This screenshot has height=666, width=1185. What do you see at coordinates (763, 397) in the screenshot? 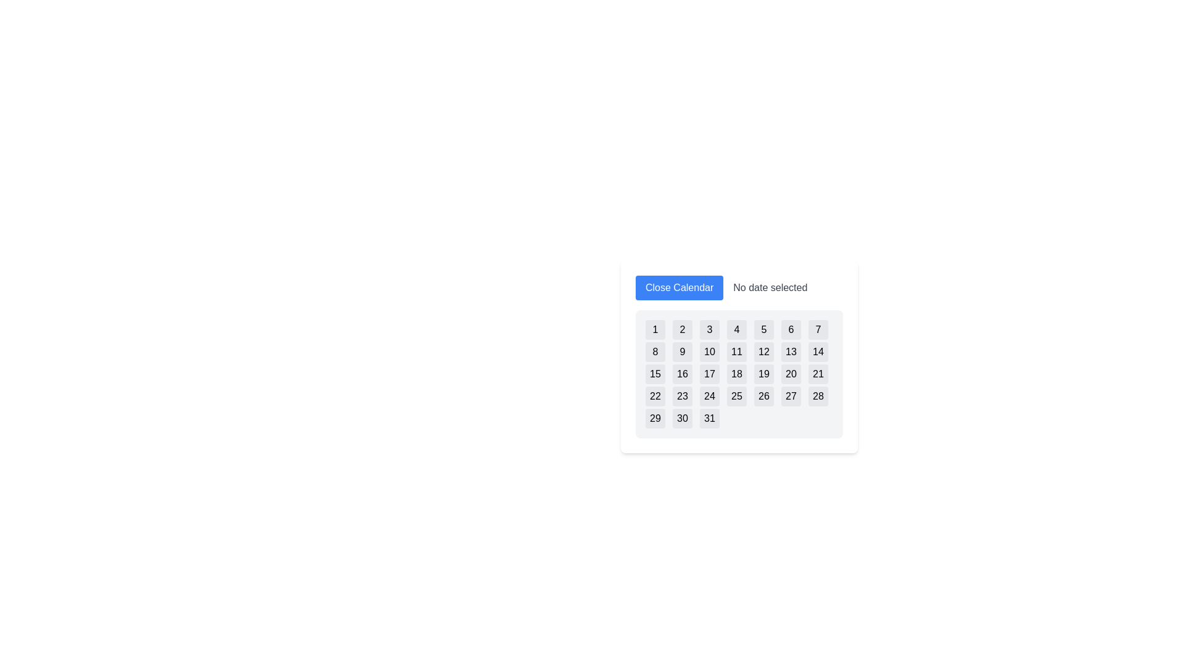
I see `the square button labeled '26' with a light gray background located` at bounding box center [763, 397].